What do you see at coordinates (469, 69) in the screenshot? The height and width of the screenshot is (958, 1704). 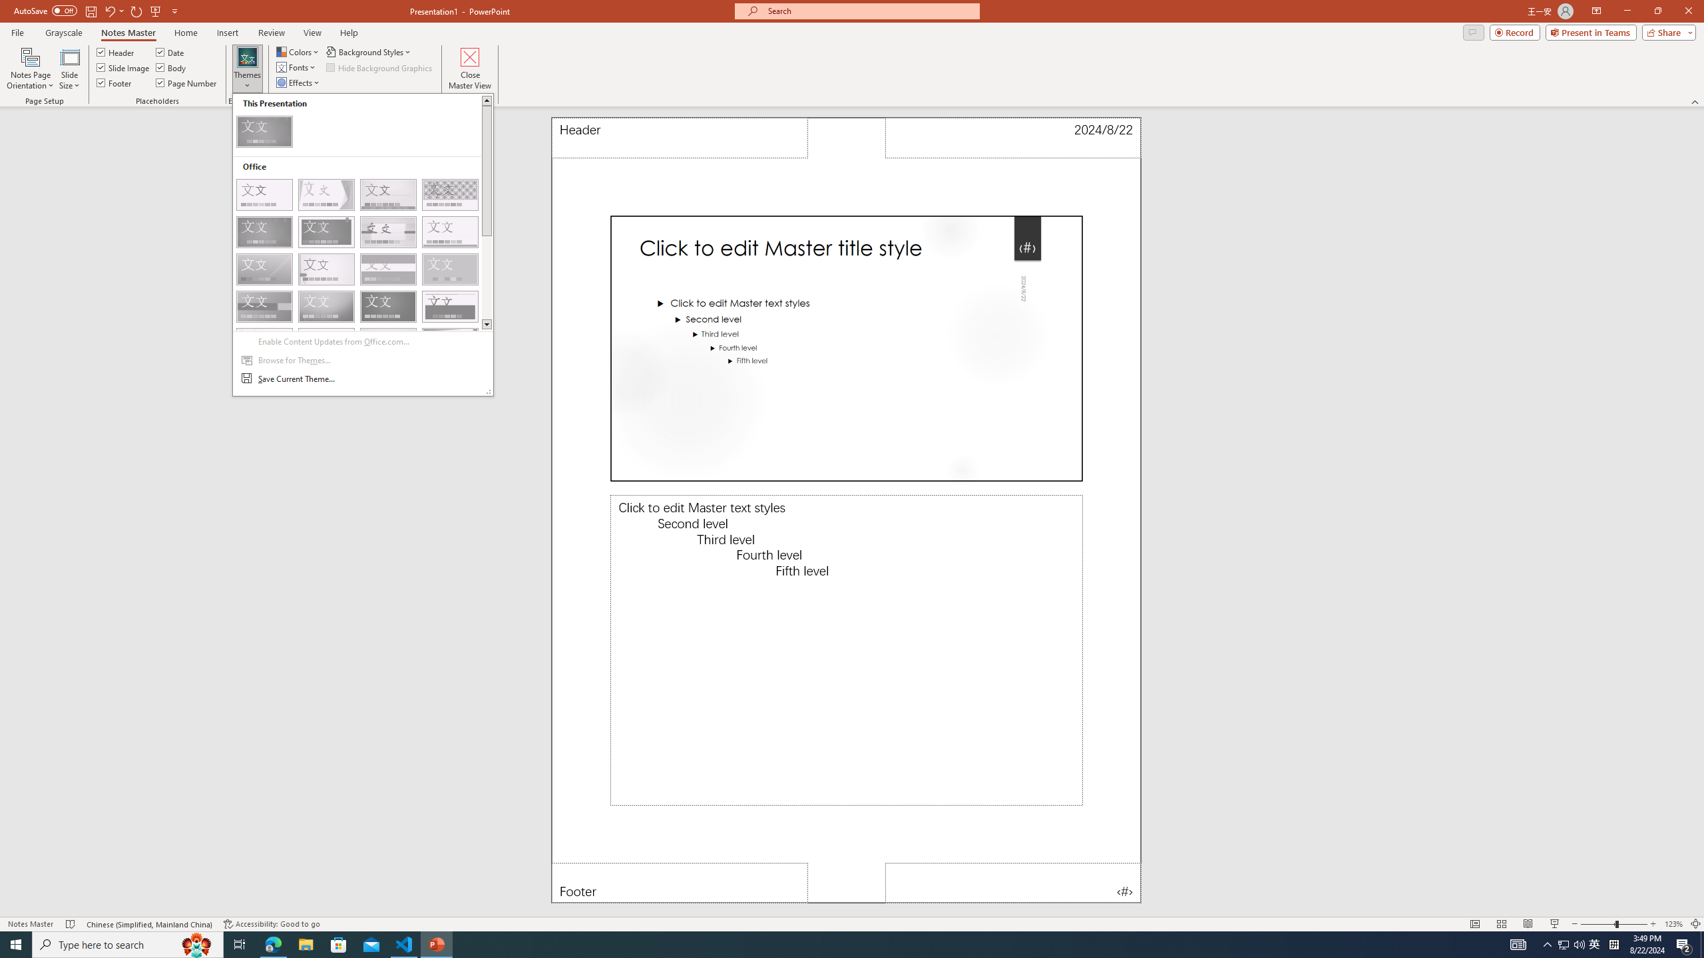 I see `'Close Master View'` at bounding box center [469, 69].